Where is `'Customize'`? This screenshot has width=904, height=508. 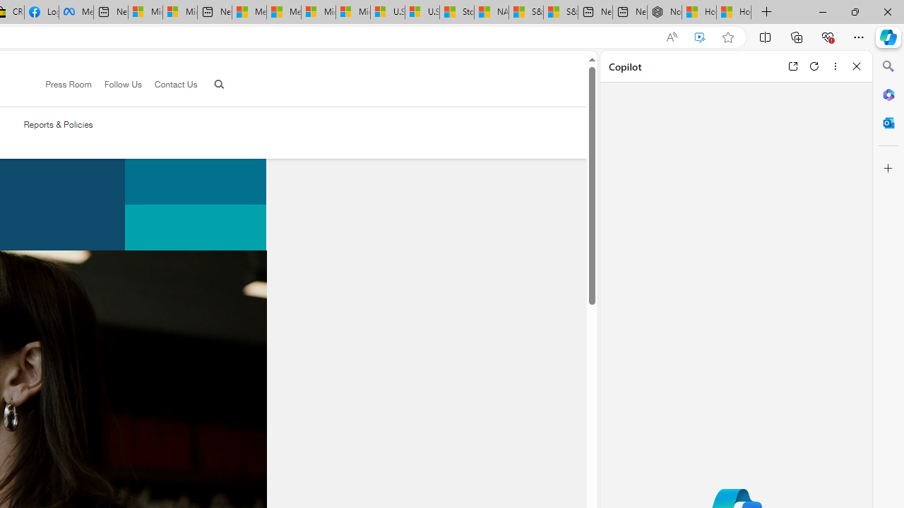 'Customize' is located at coordinates (888, 168).